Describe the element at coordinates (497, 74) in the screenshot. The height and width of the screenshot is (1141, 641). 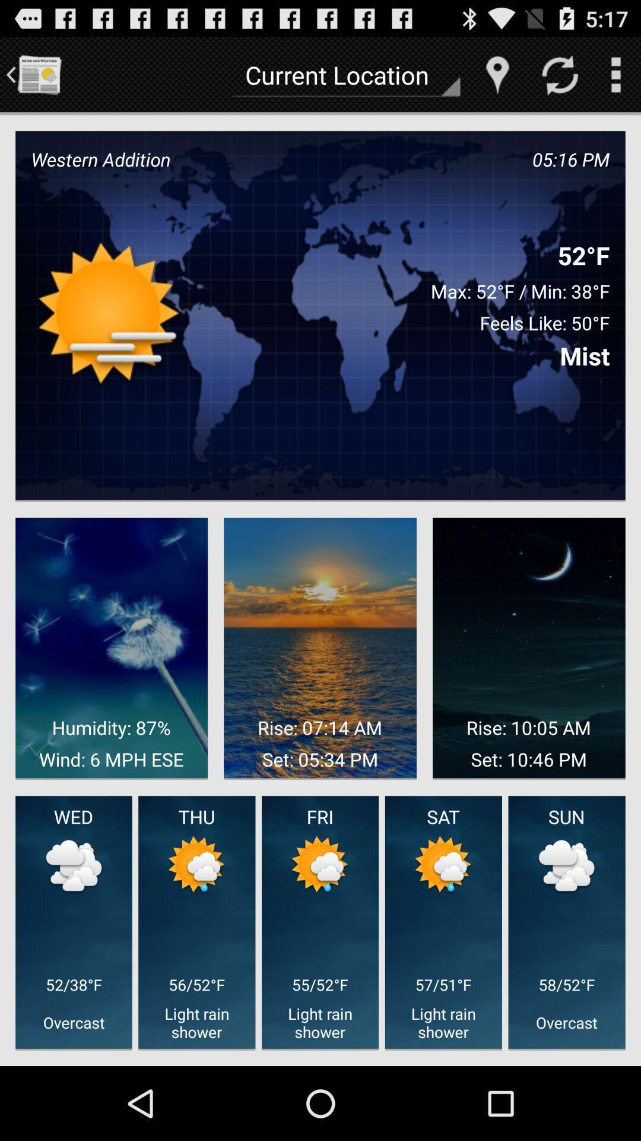
I see `location` at that location.